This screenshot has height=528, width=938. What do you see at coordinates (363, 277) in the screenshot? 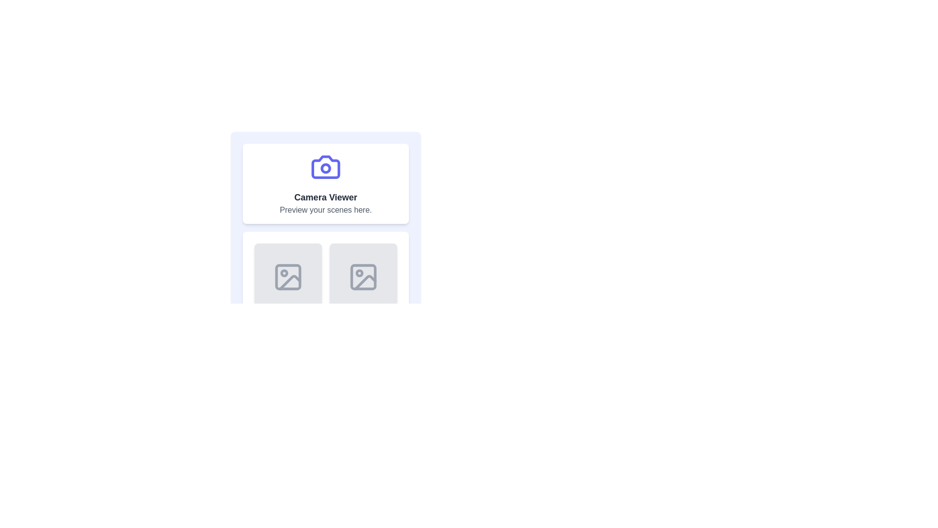
I see `the graphical decoration within the right icon of the bottom grid under the 'Camera Viewer' section` at bounding box center [363, 277].